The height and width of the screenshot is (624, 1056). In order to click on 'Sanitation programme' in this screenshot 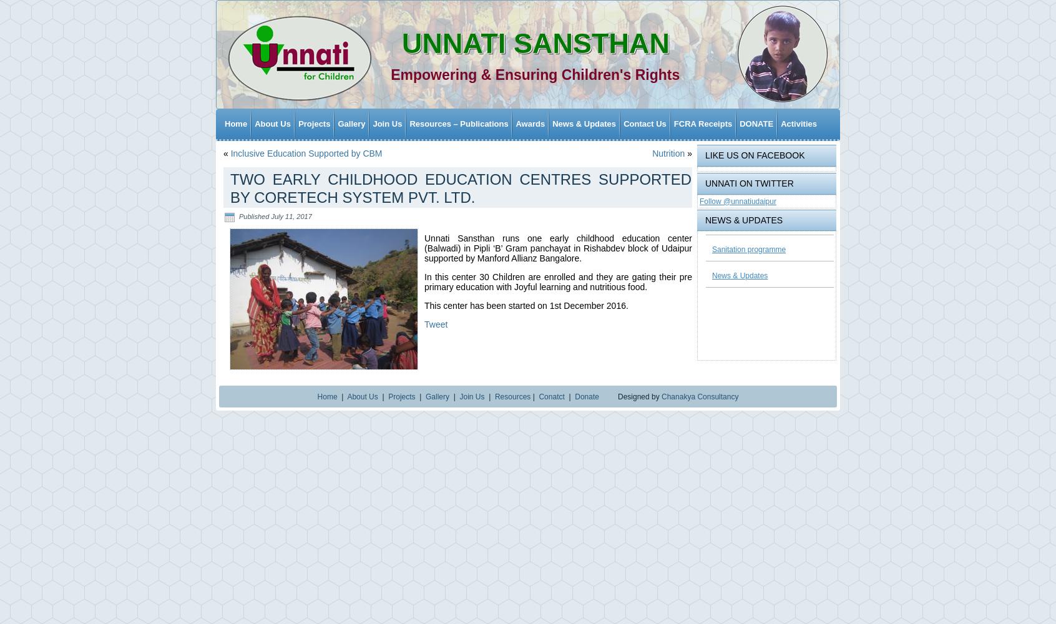, I will do `click(748, 245)`.